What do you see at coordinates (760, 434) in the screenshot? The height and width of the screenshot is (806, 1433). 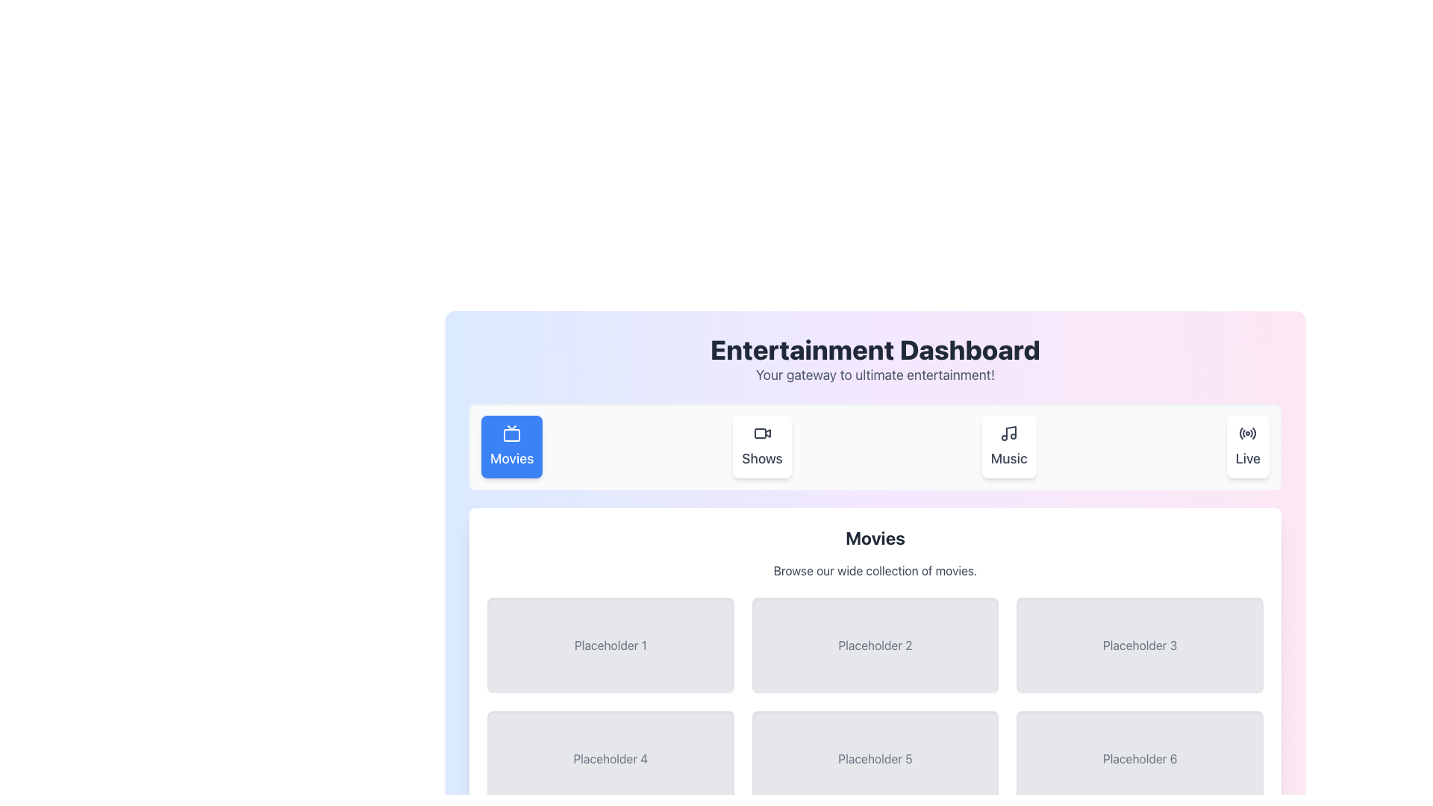 I see `the decorative graphical element that represents part of the video icon labeled 'Shows' in the top navigation bar` at bounding box center [760, 434].